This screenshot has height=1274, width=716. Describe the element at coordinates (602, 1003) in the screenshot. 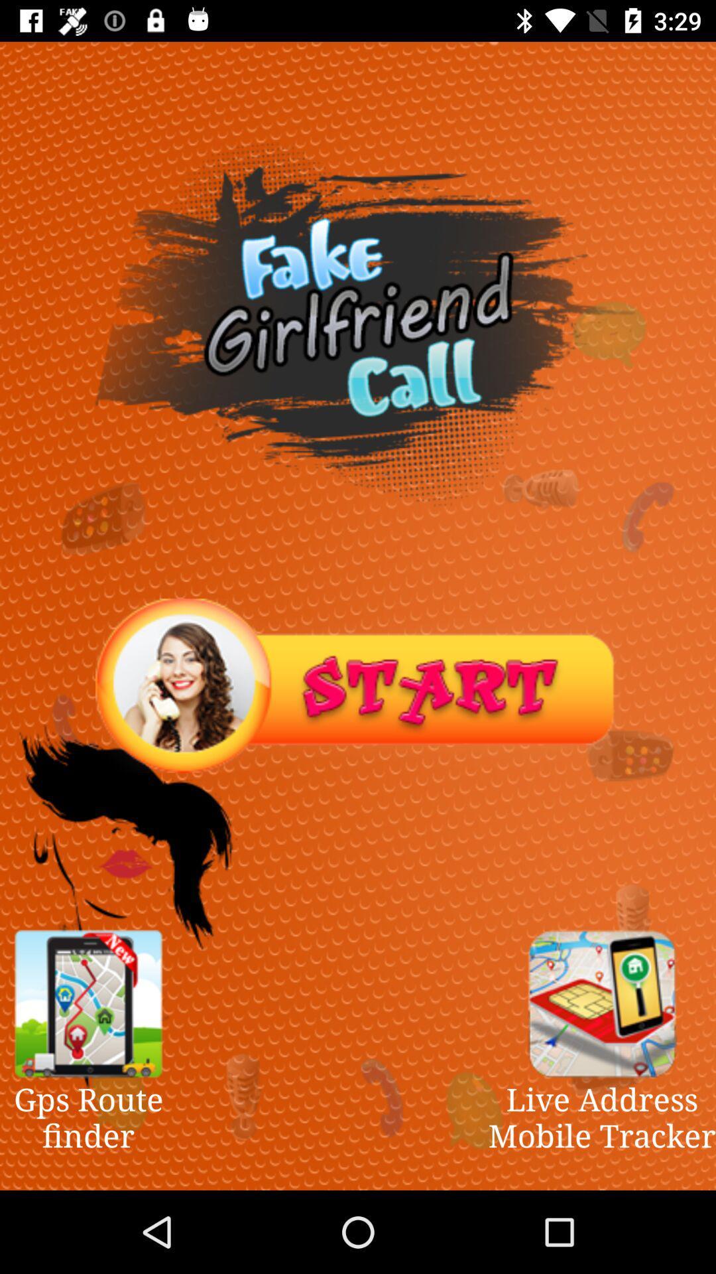

I see `open live address mobile tracker` at that location.